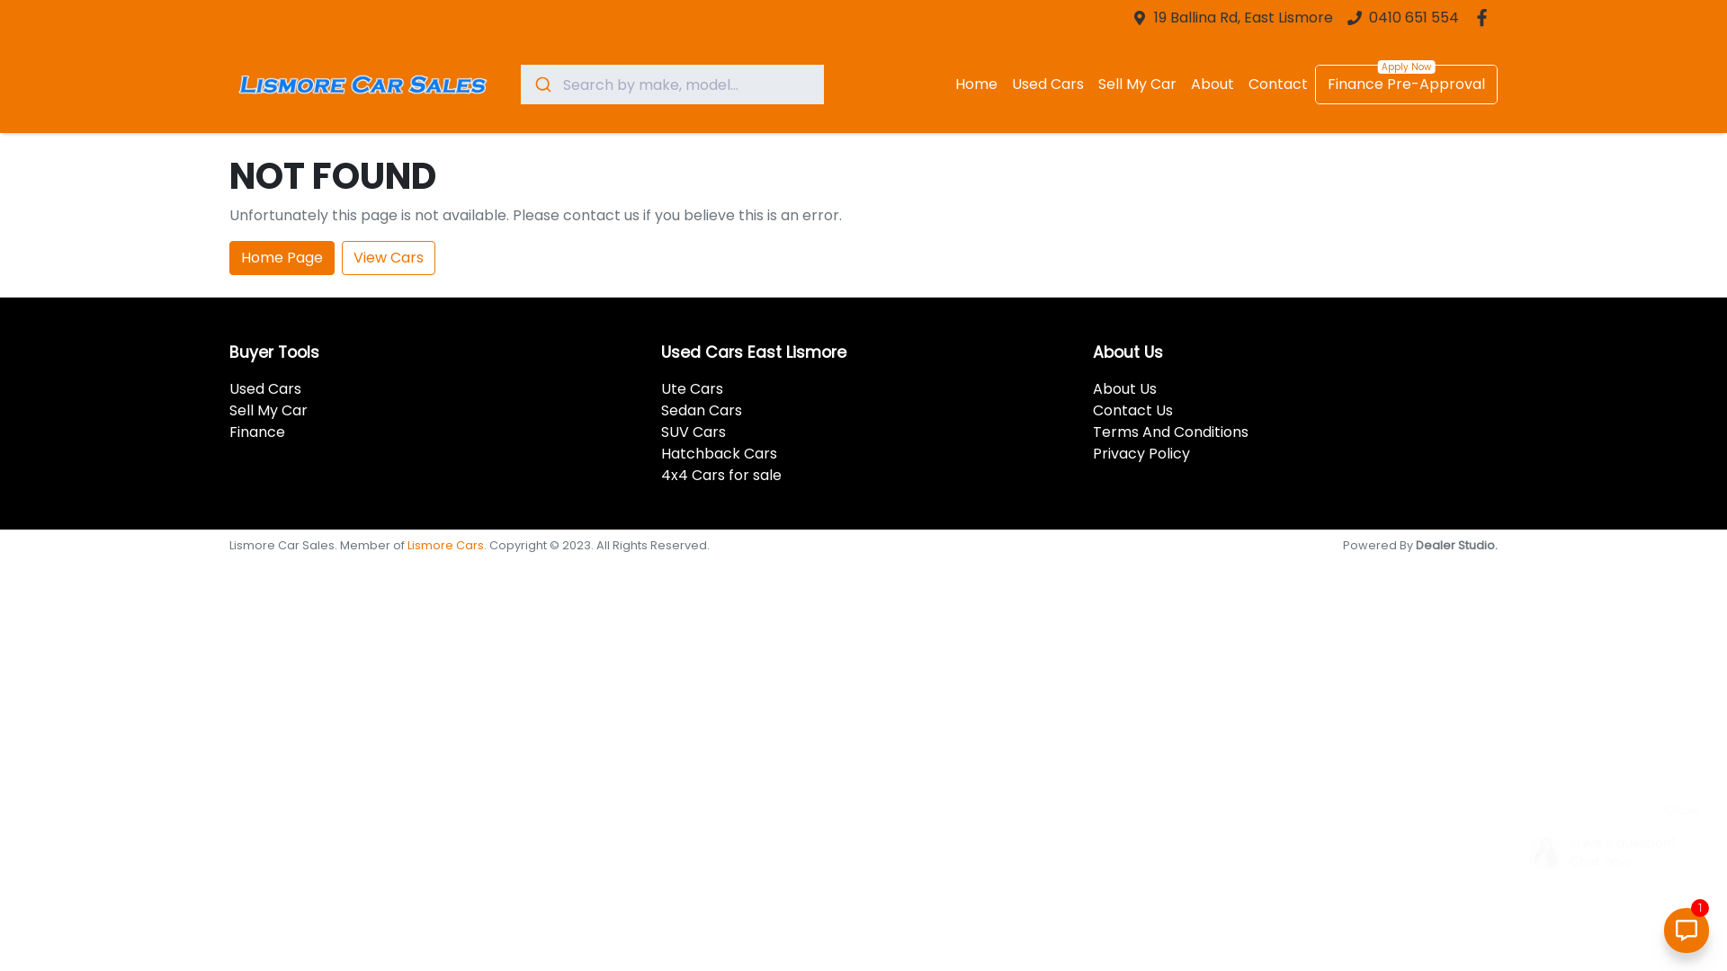 The height and width of the screenshot is (971, 1727). I want to click on 'Submit', so click(541, 84).